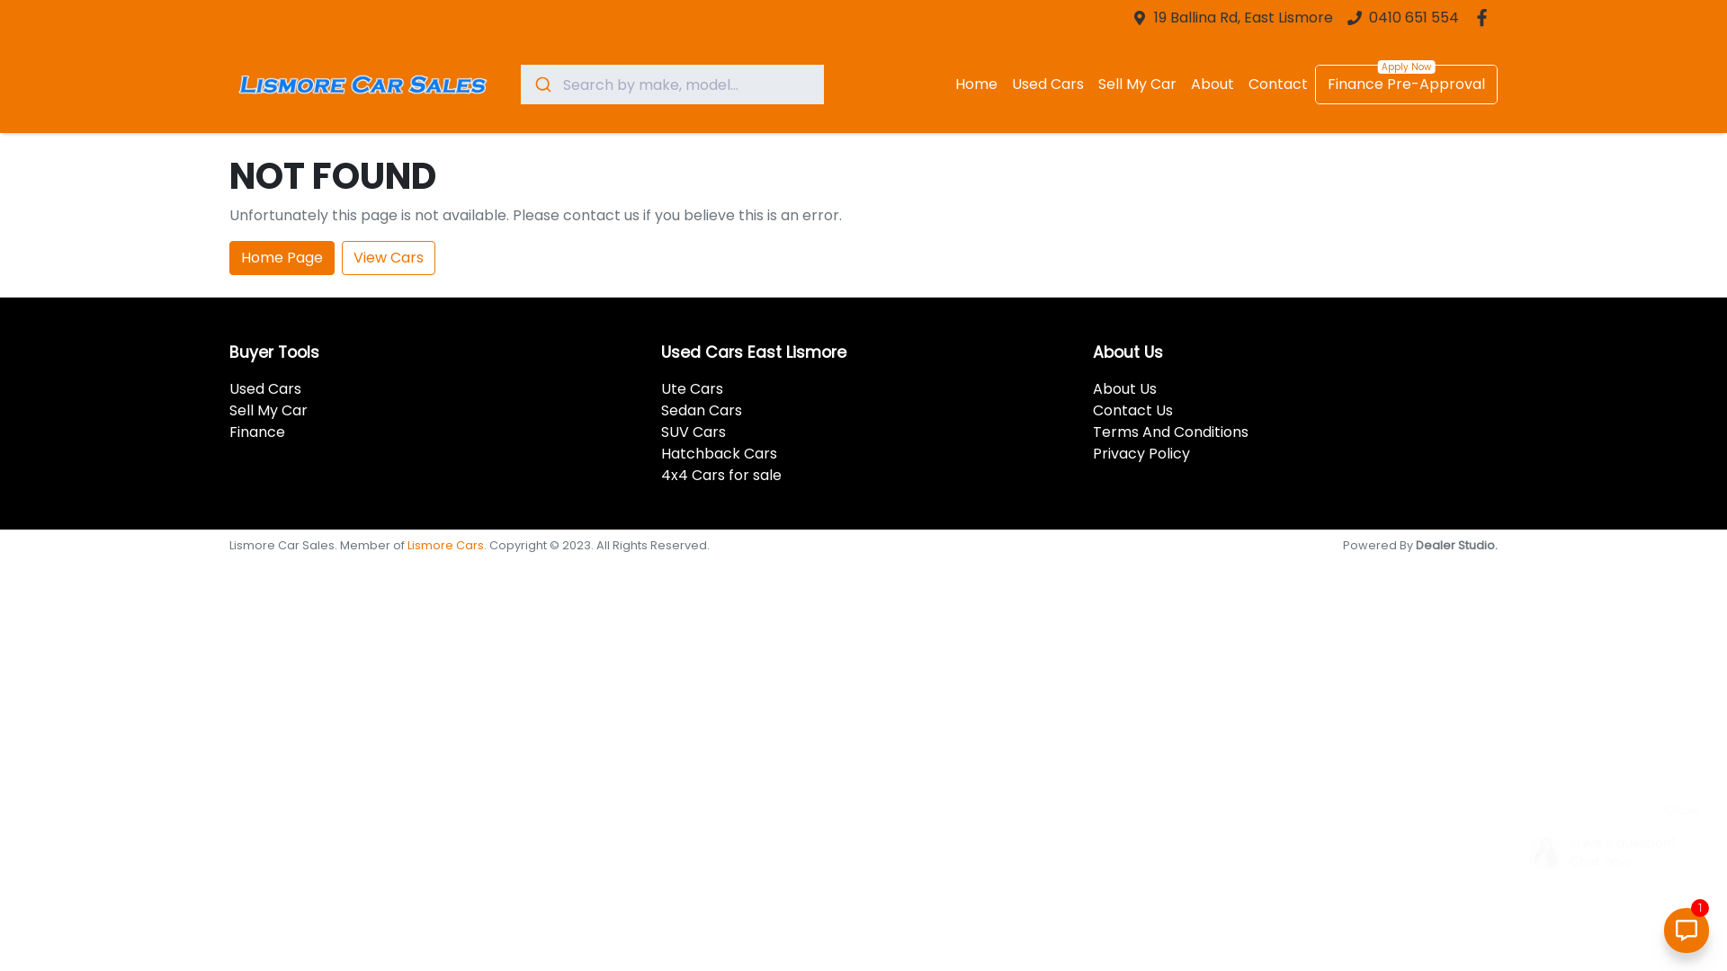 The height and width of the screenshot is (971, 1727). I want to click on 'Submit', so click(541, 84).